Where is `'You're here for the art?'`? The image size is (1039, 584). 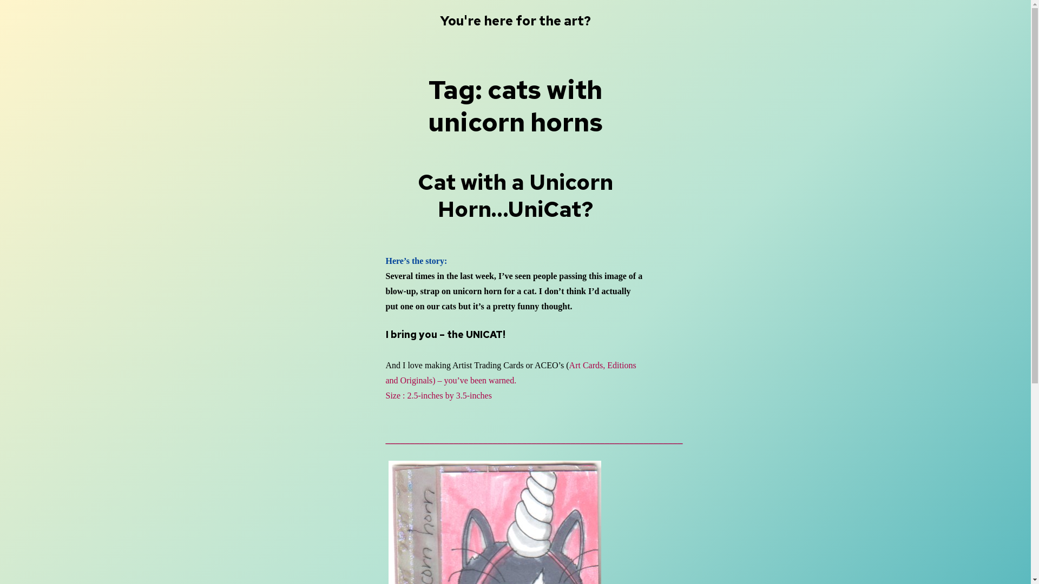 'You're here for the art?' is located at coordinates (515, 21).